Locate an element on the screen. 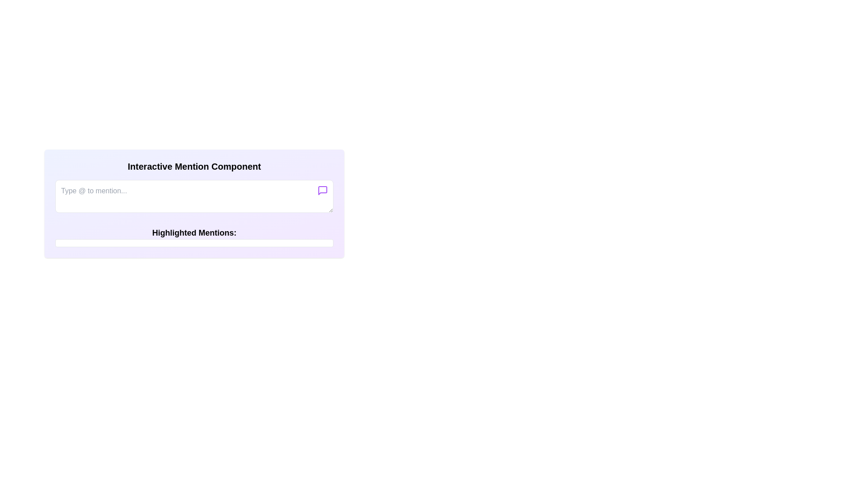 The height and width of the screenshot is (481, 856). the 'Highlighted Mentions:' text label element that serves as a header for the display area below it is located at coordinates (194, 236).